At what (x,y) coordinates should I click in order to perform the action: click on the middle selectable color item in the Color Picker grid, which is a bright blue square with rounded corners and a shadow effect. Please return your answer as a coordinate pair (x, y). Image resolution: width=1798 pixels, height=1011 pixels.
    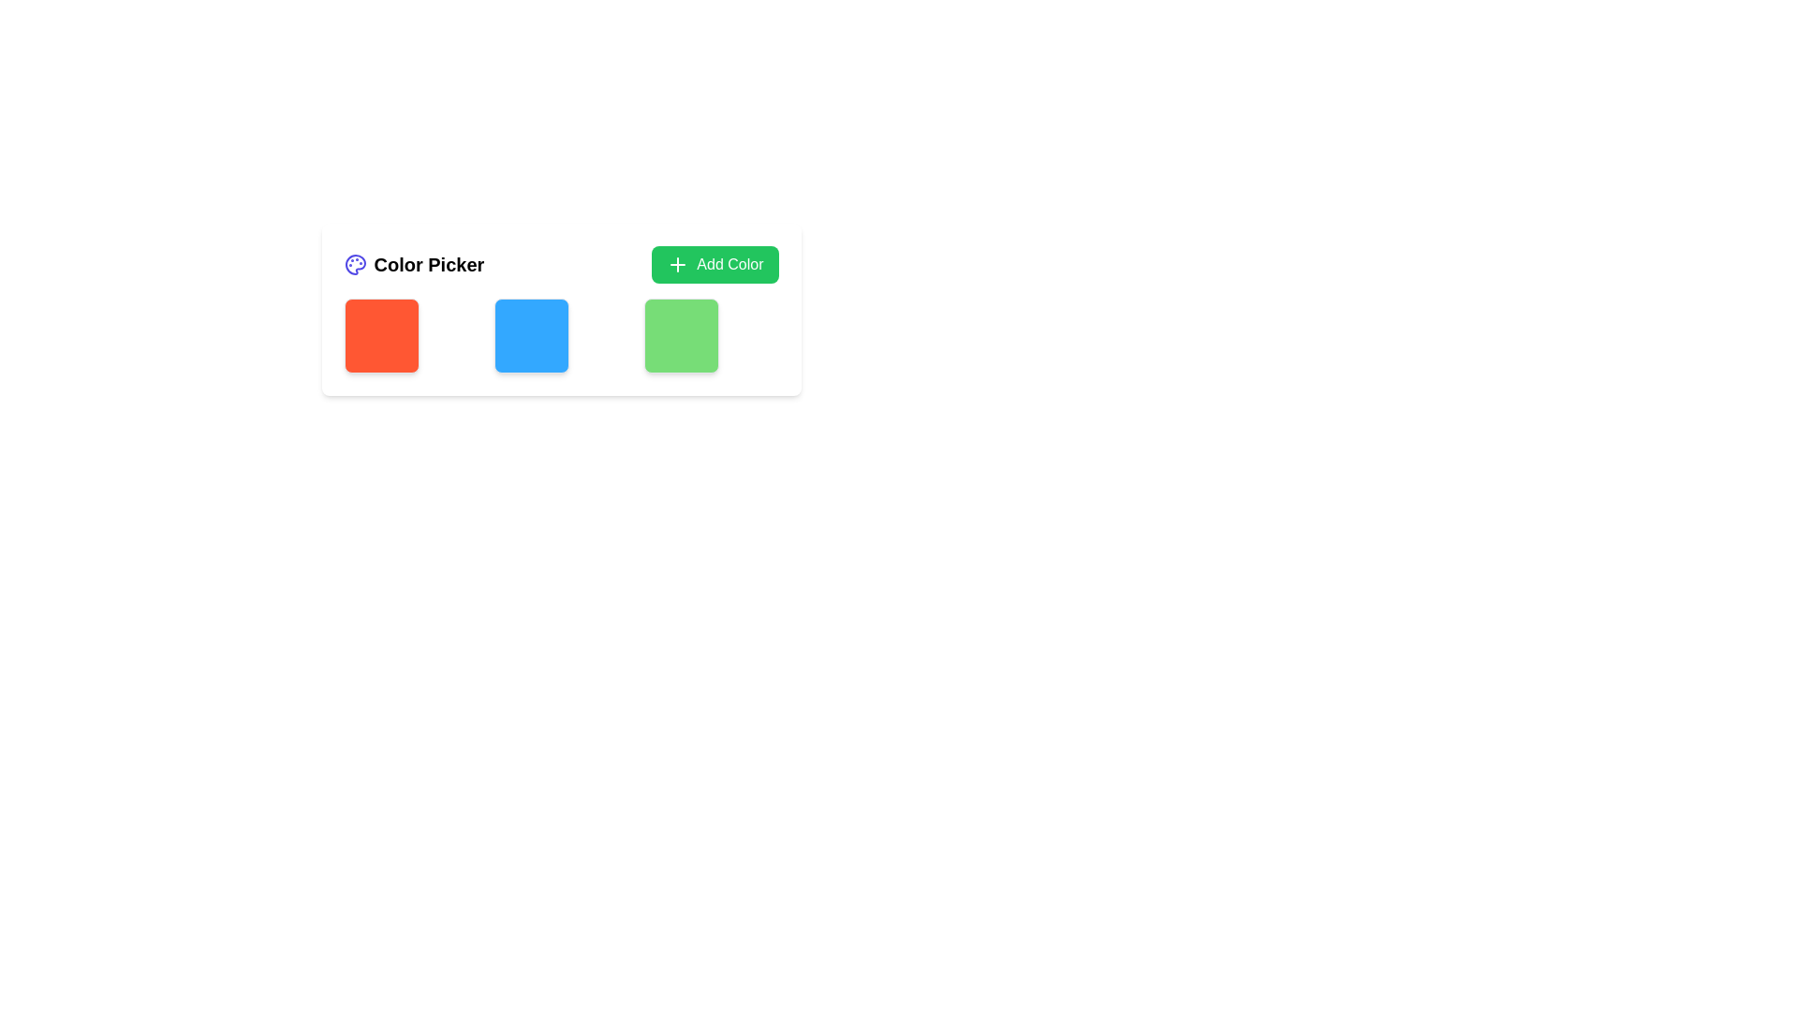
    Looking at the image, I should click on (530, 334).